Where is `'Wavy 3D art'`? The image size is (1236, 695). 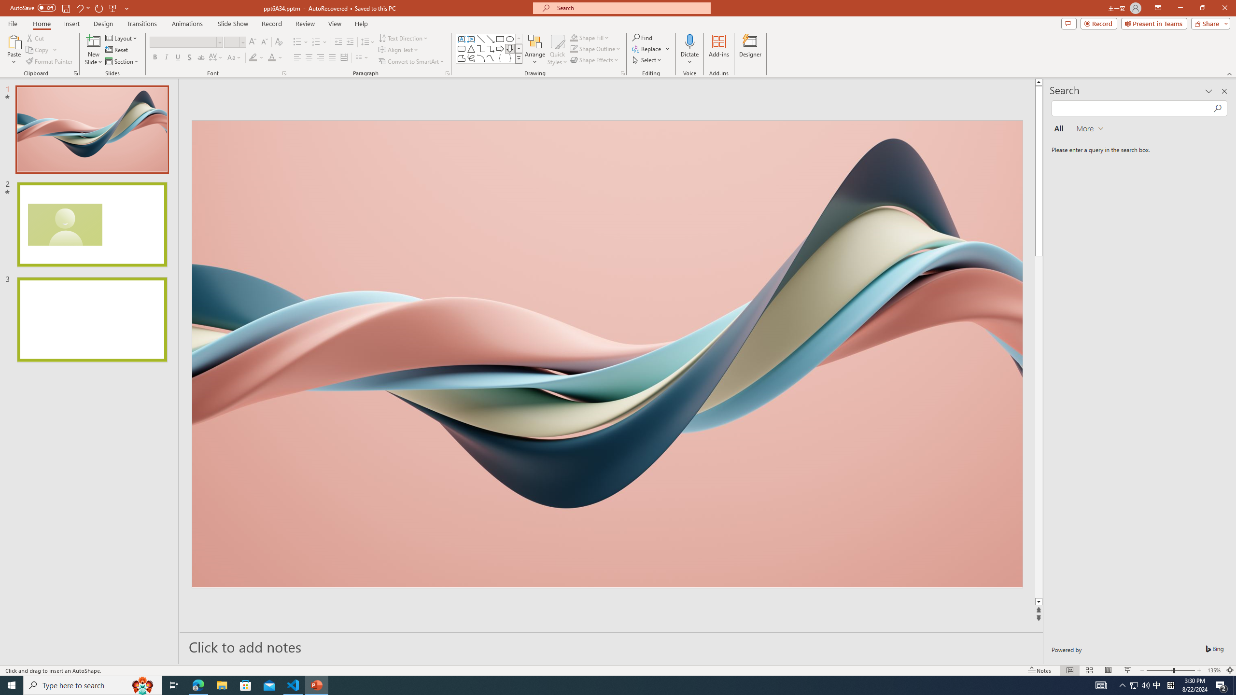
'Wavy 3D art' is located at coordinates (606, 353).